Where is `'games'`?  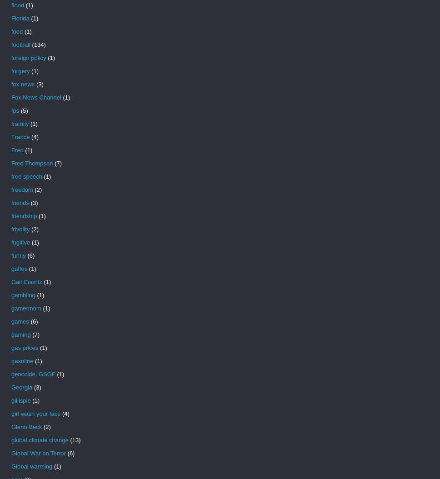
'games' is located at coordinates (20, 321).